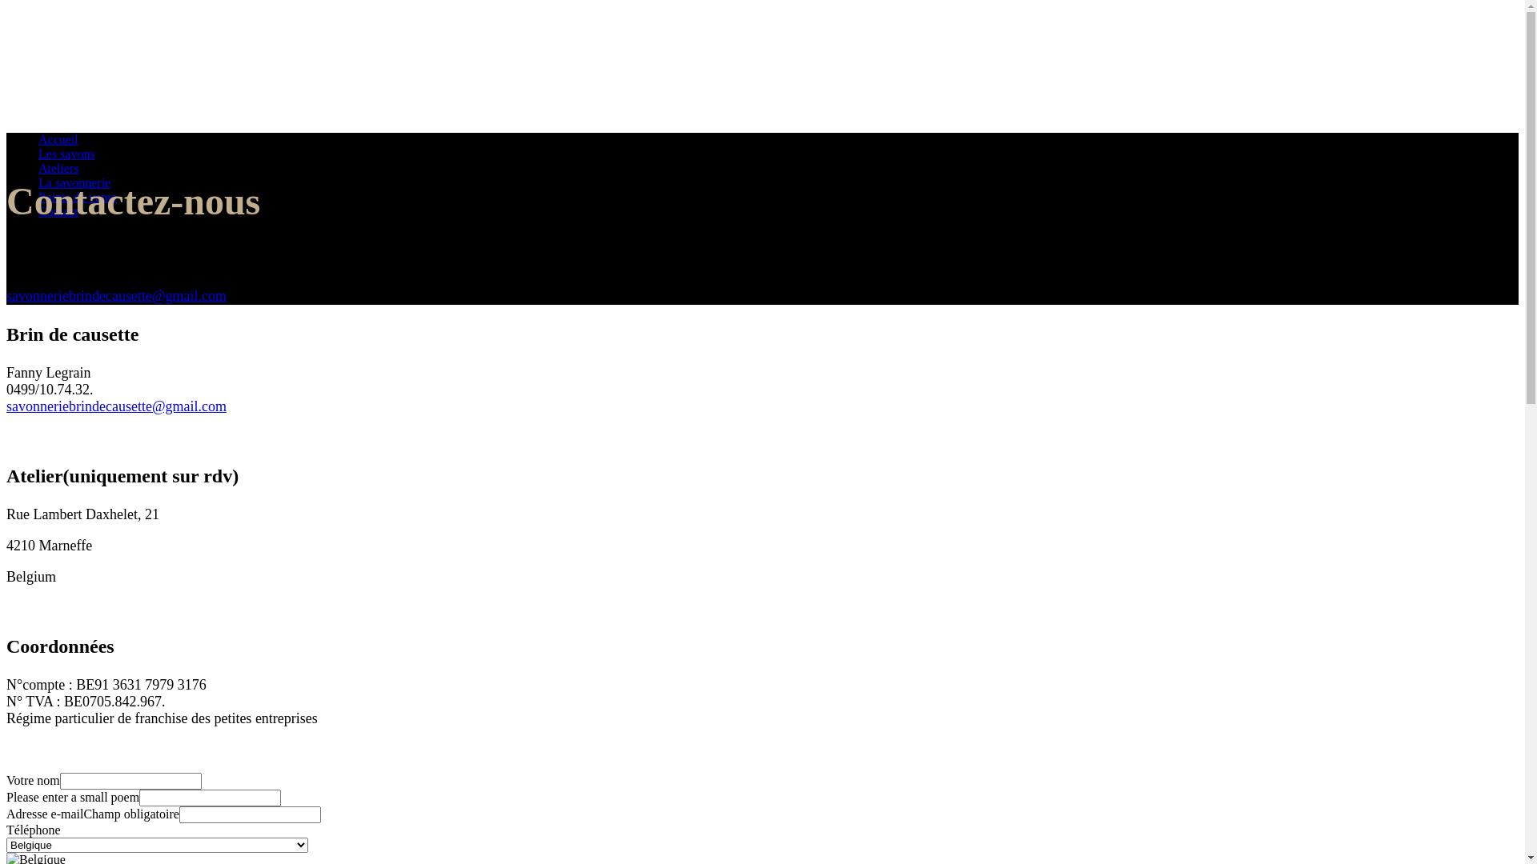 This screenshot has height=864, width=1537. What do you see at coordinates (38, 182) in the screenshot?
I see `'La savonnerie'` at bounding box center [38, 182].